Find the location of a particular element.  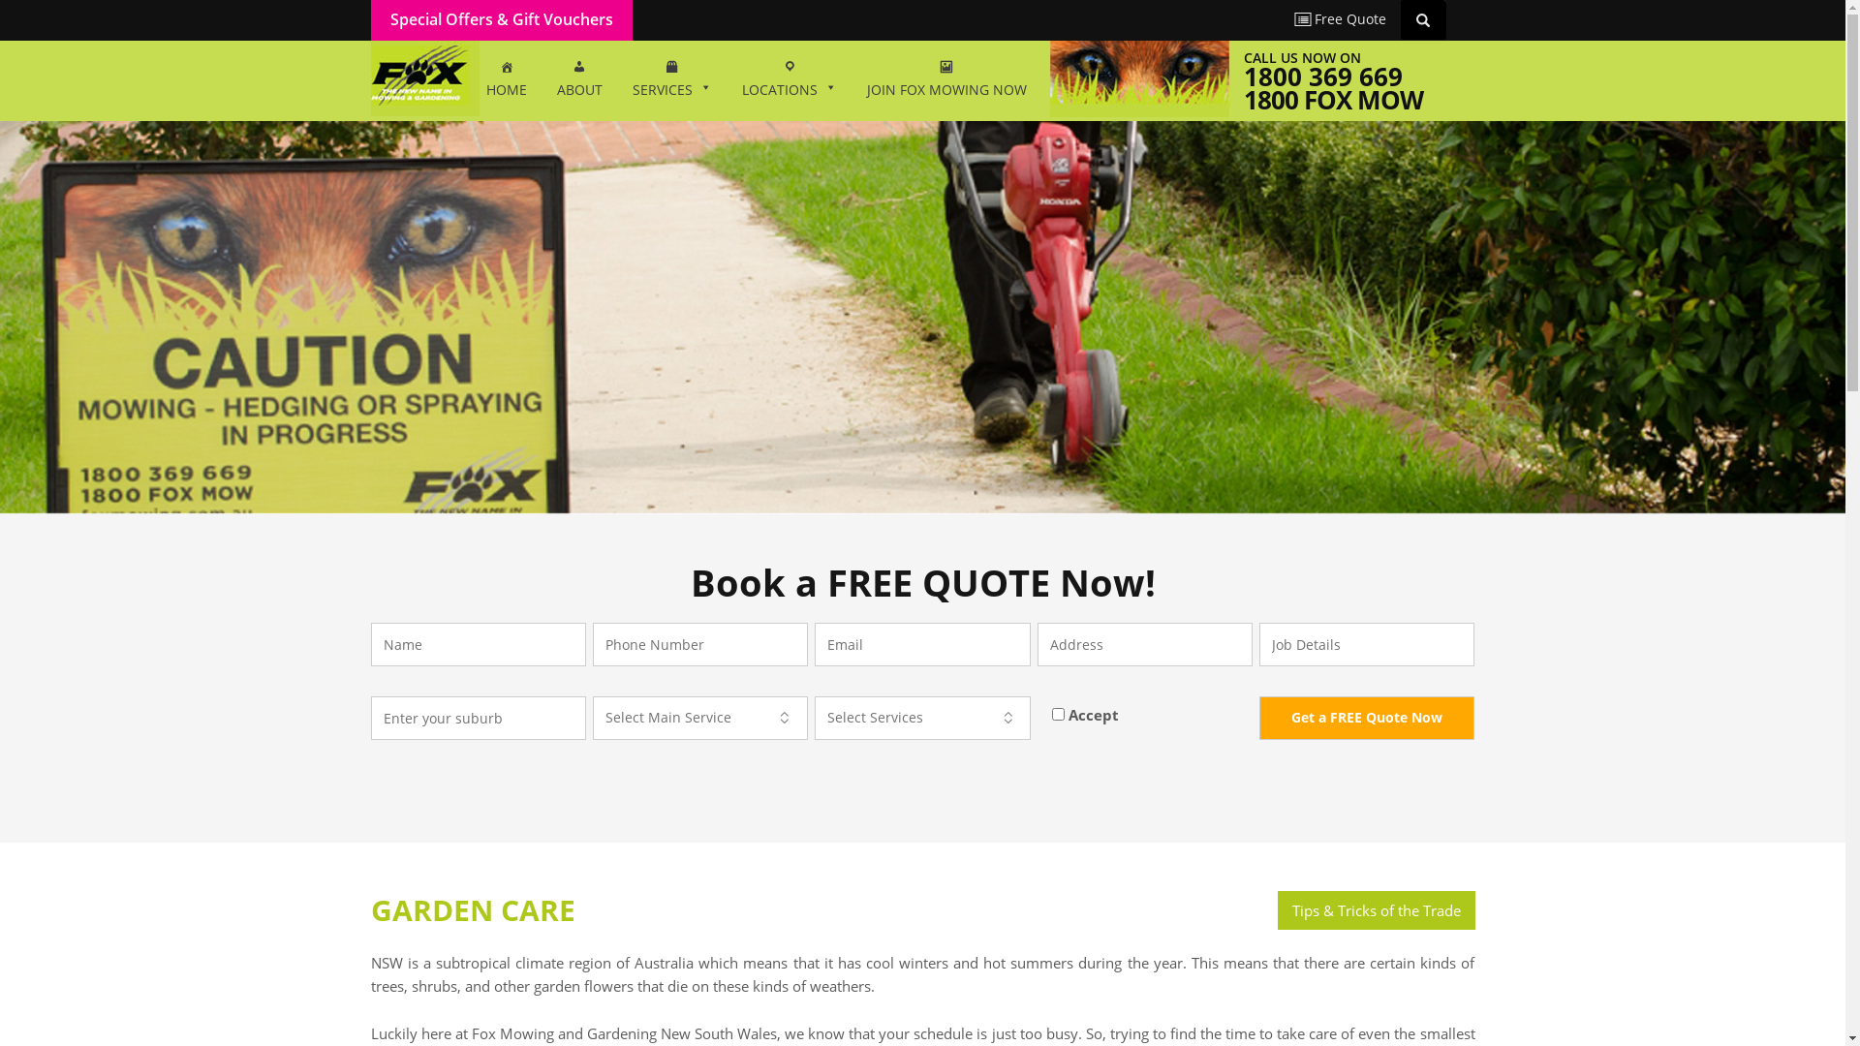

'ABOUT' is located at coordinates (578, 79).